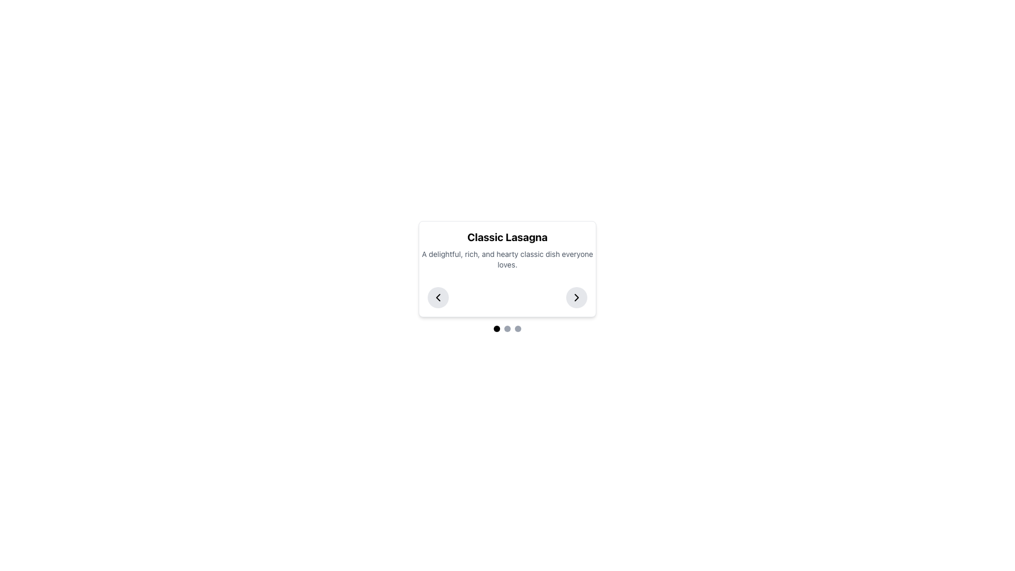  I want to click on the bolded text 'Classic Lasagna', which is larger than surrounding text and located at the center of a white card with rounded corners, so click(508, 236).